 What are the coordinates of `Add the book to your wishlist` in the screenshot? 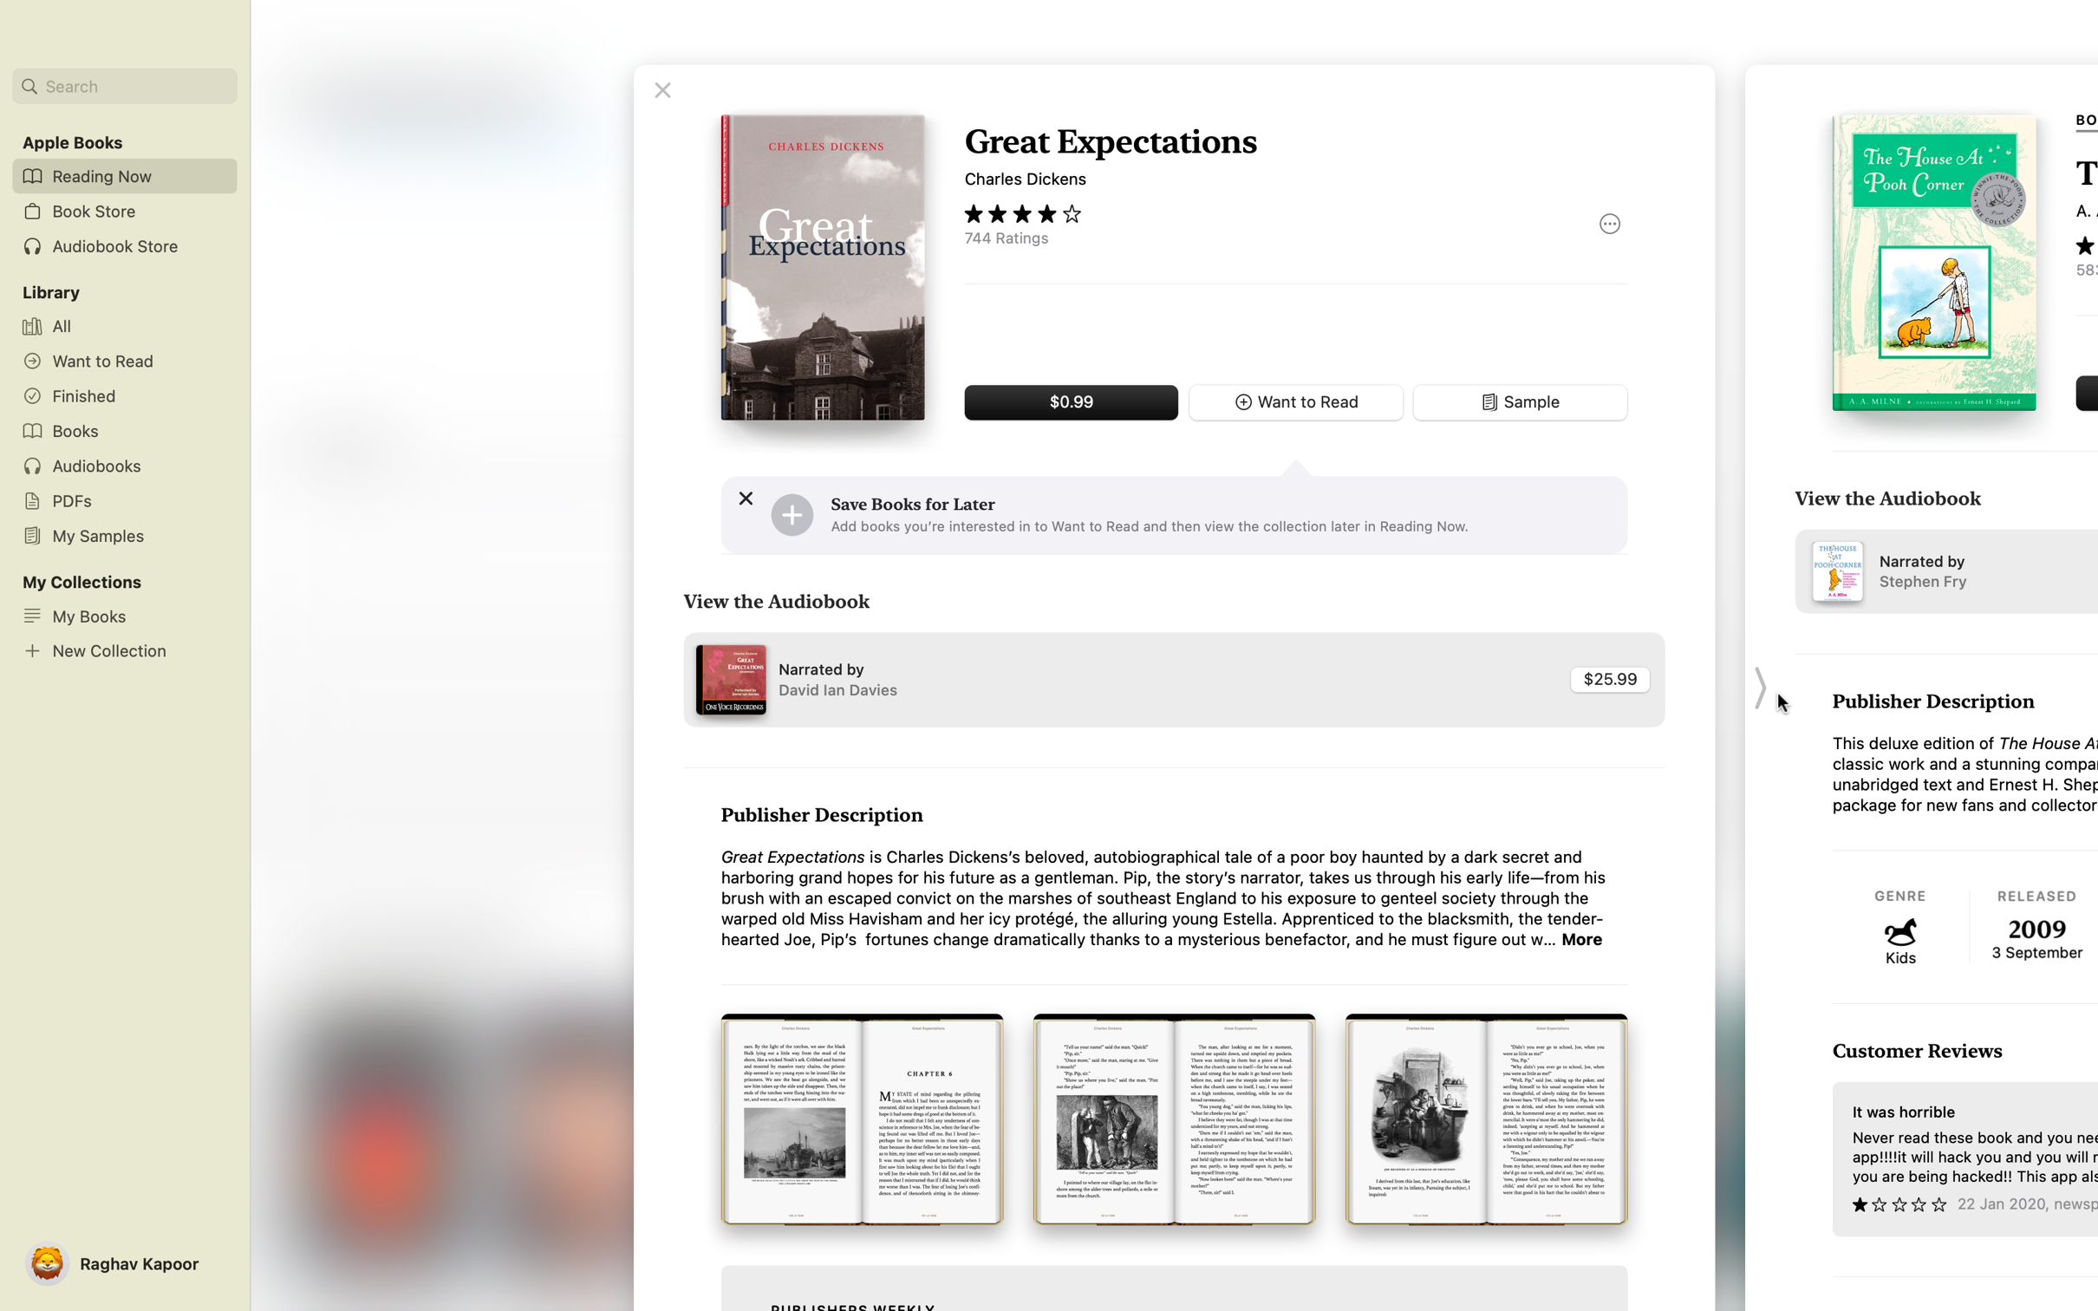 It's located at (791, 514).